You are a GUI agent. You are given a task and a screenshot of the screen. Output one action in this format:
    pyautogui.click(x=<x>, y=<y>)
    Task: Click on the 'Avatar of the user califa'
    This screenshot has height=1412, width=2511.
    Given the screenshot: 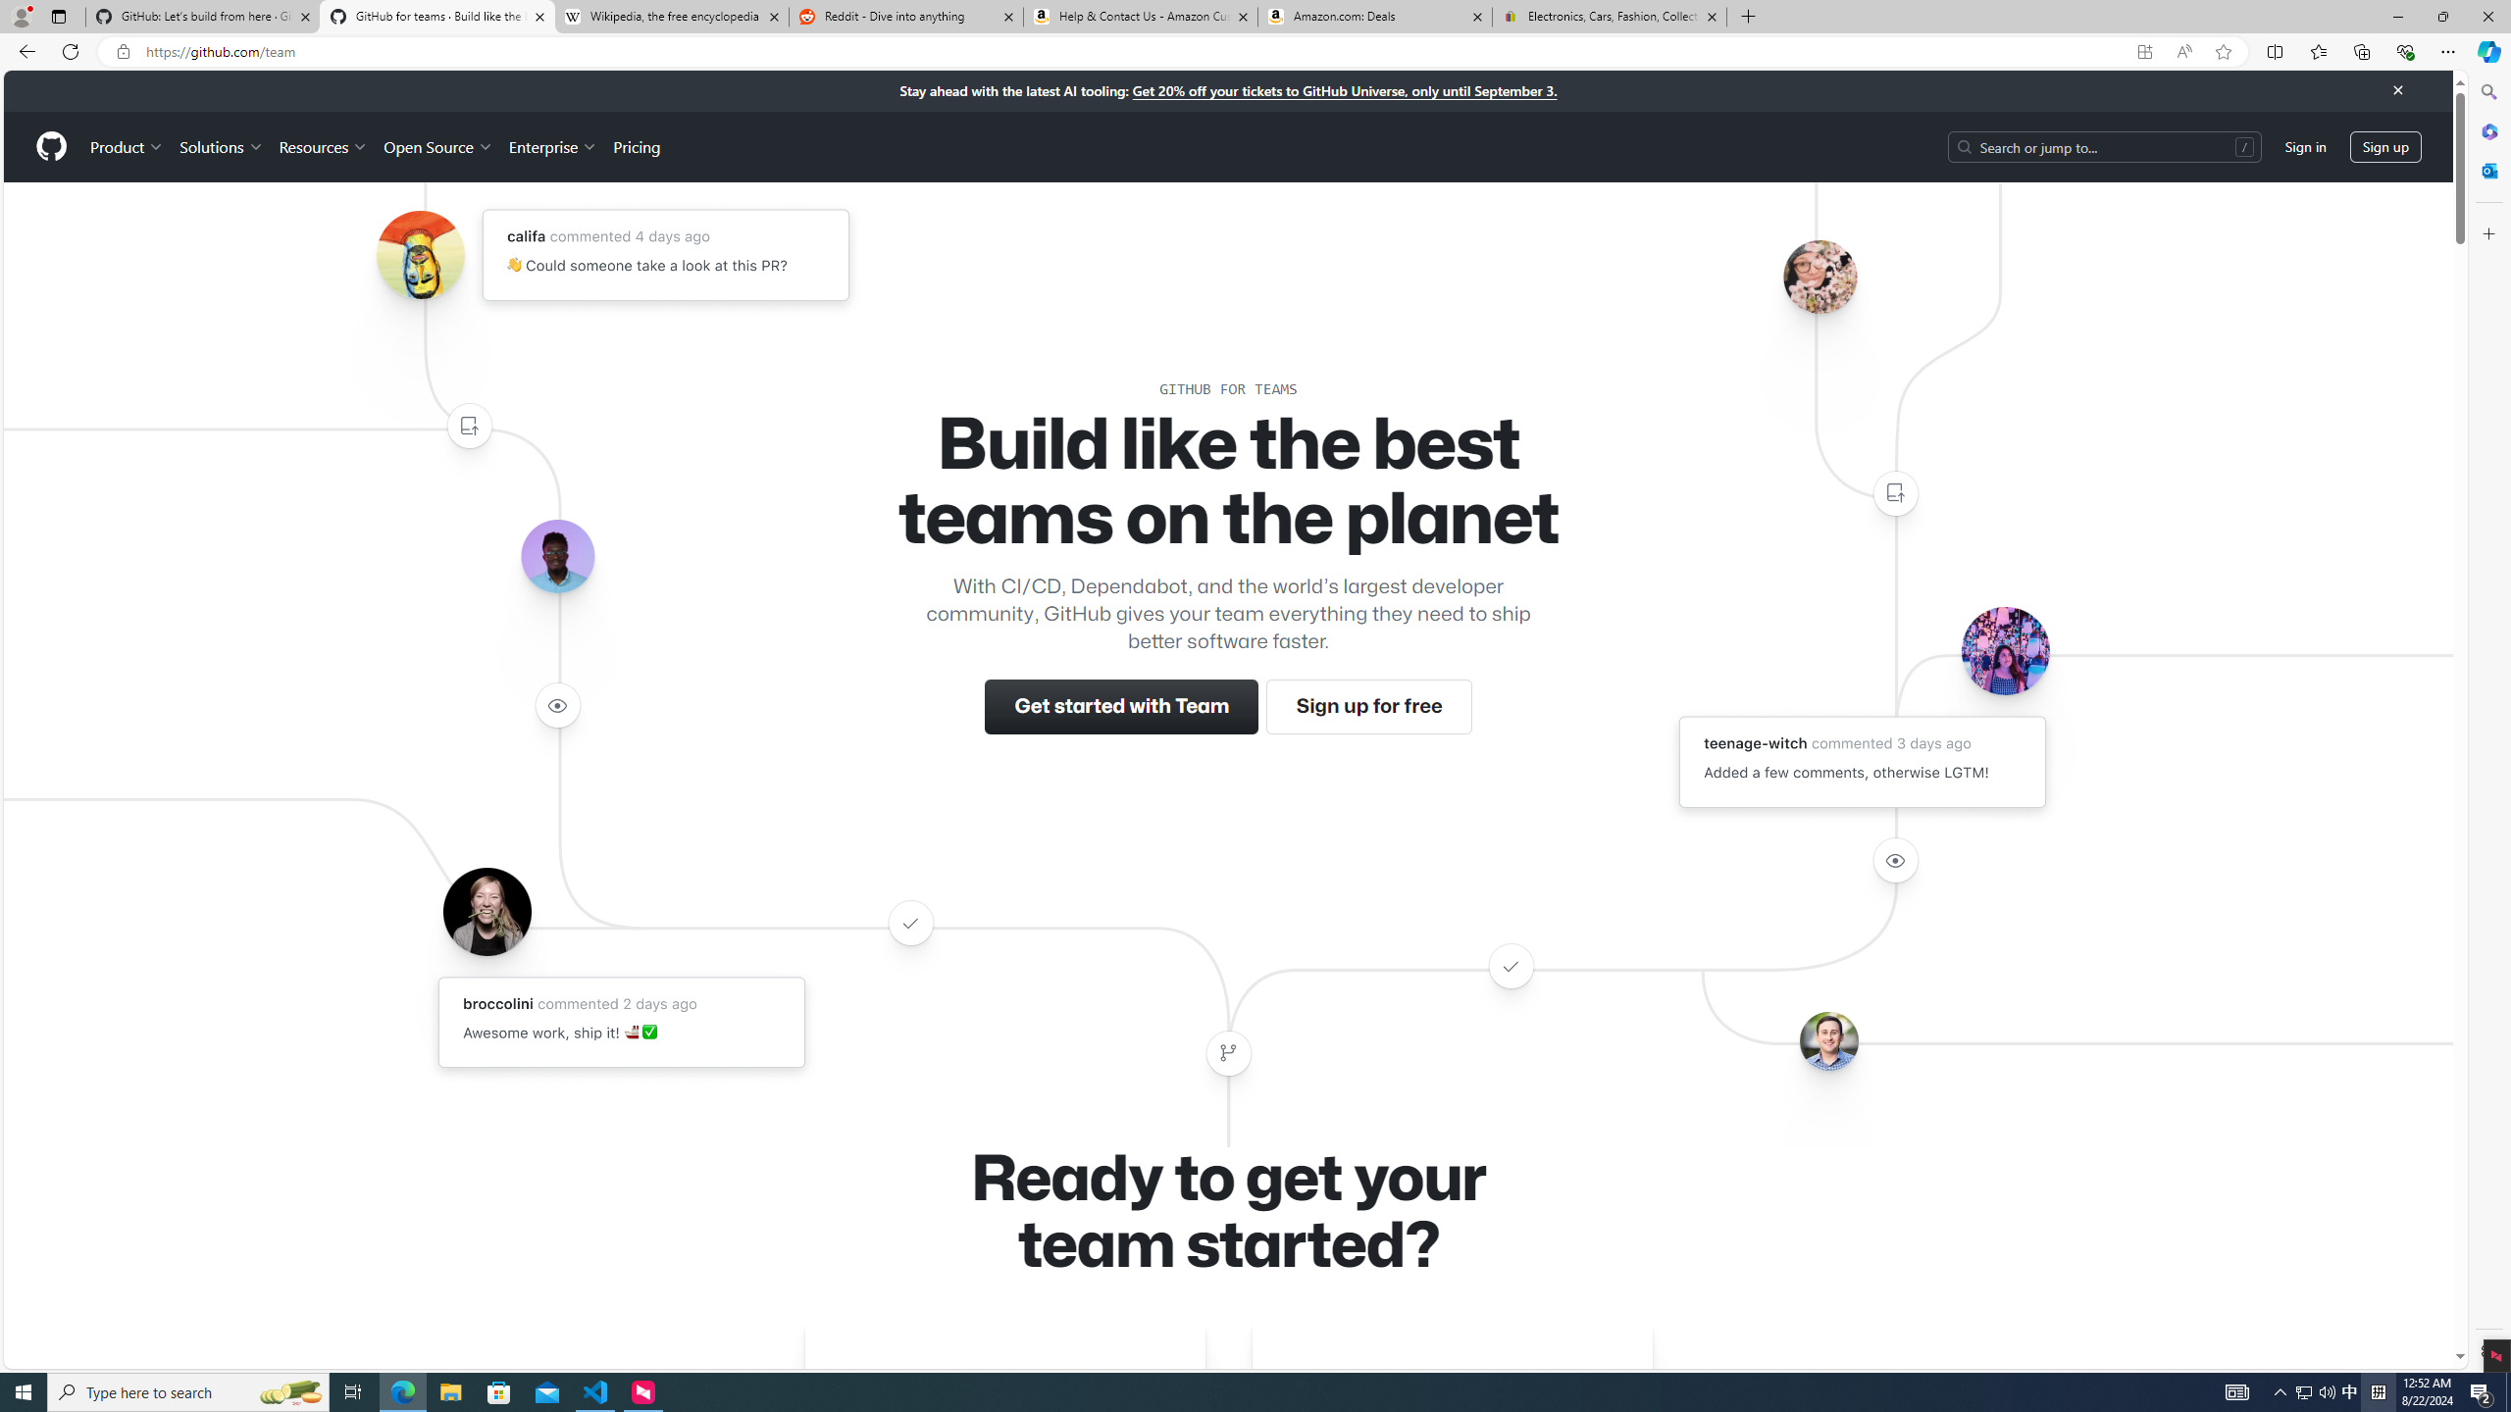 What is the action you would take?
    pyautogui.click(x=420, y=253)
    